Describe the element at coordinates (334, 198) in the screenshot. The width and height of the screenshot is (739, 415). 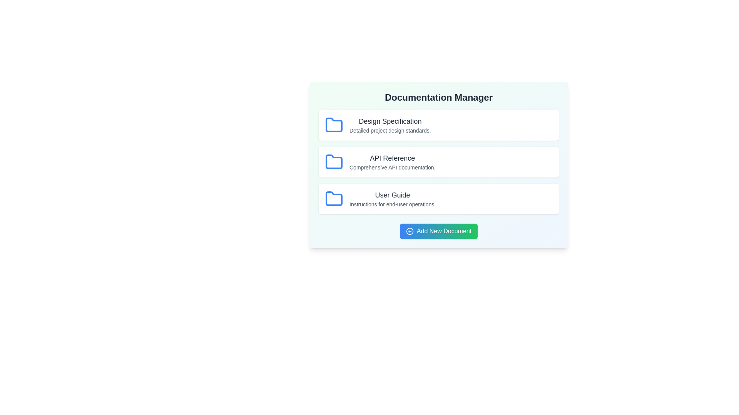
I see `the folder icon associated with User Guide` at that location.